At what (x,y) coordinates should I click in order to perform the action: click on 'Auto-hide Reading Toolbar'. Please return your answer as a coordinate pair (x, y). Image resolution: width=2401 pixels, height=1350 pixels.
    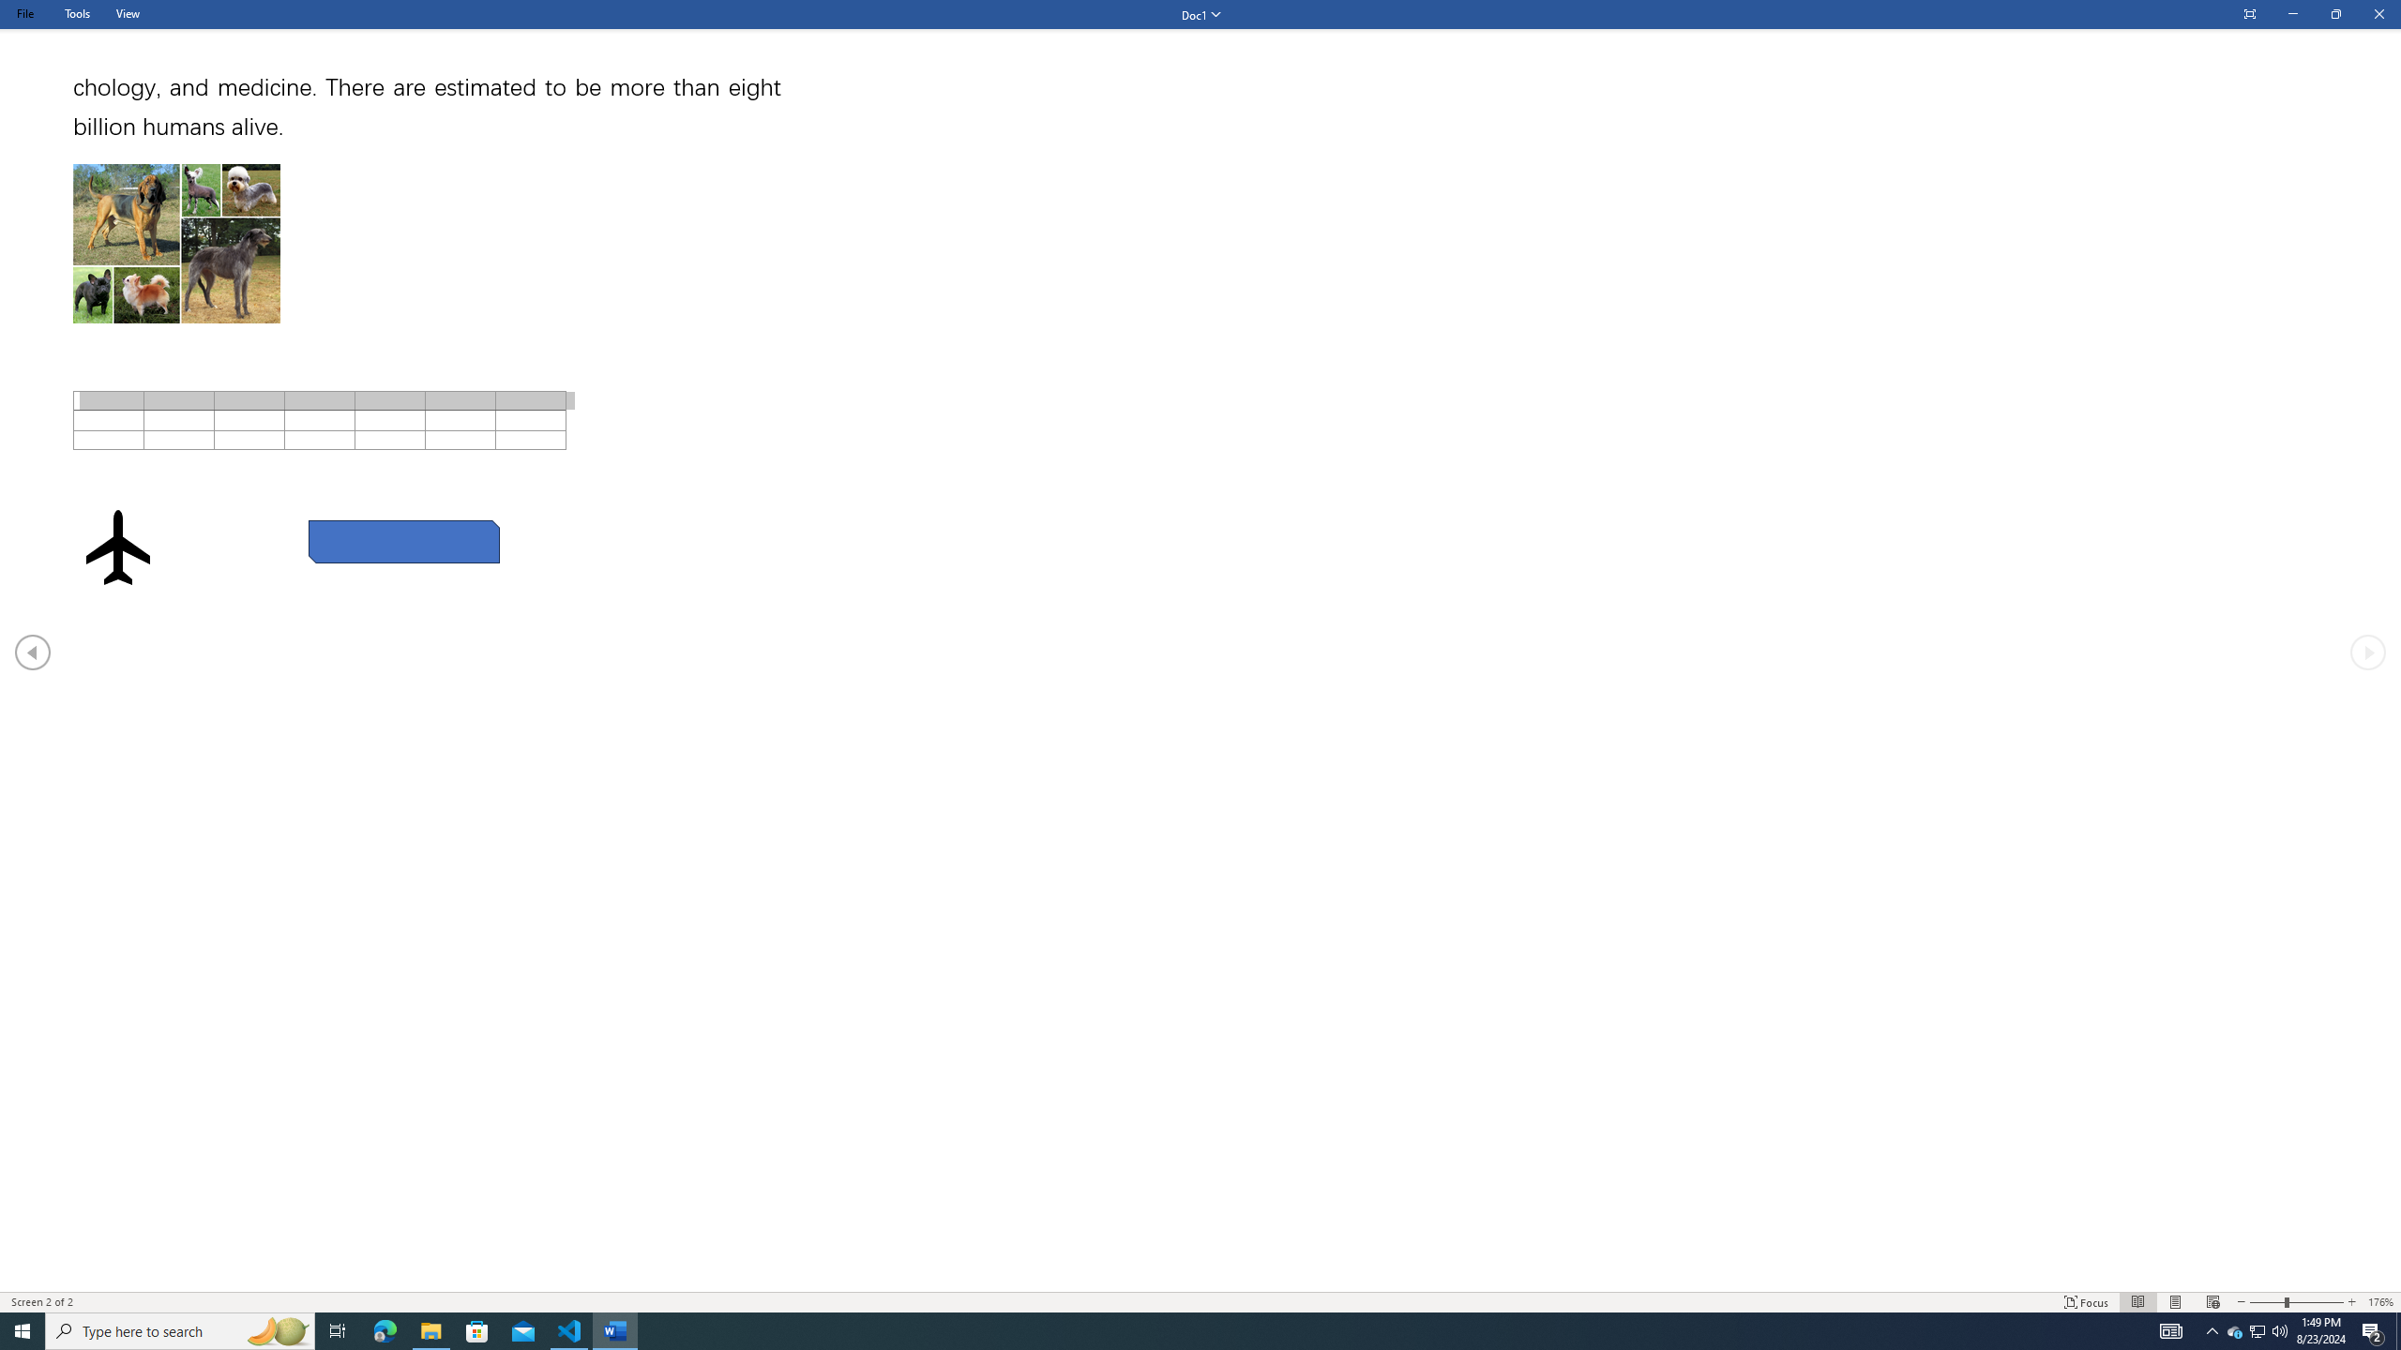
    Looking at the image, I should click on (2248, 14).